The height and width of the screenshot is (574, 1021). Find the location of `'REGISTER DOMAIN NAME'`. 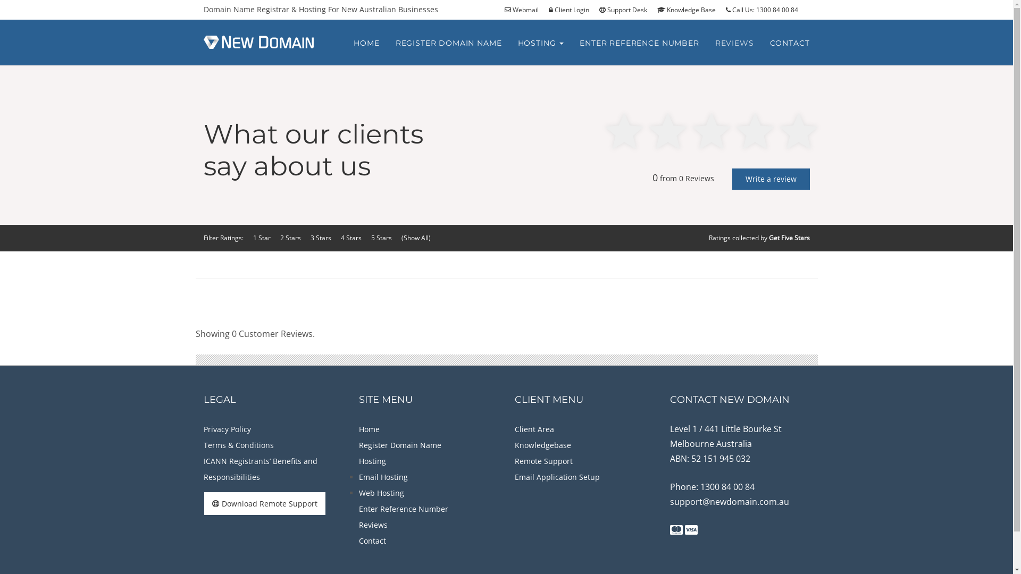

'REGISTER DOMAIN NAME' is located at coordinates (449, 43).